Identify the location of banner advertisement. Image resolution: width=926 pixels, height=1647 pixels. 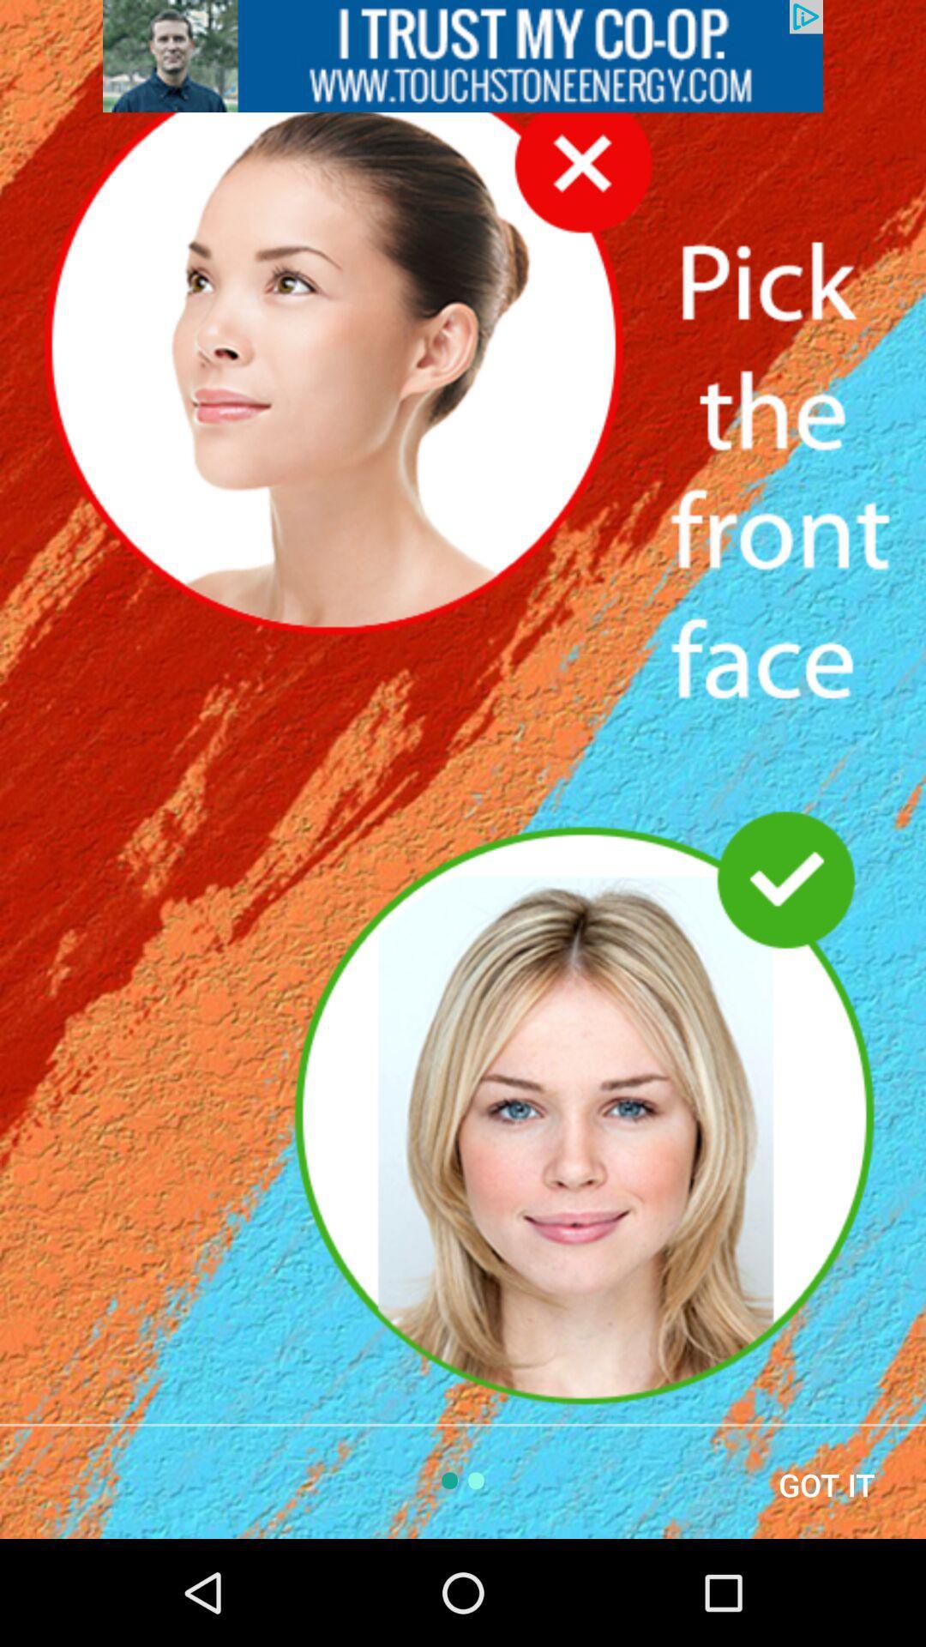
(463, 56).